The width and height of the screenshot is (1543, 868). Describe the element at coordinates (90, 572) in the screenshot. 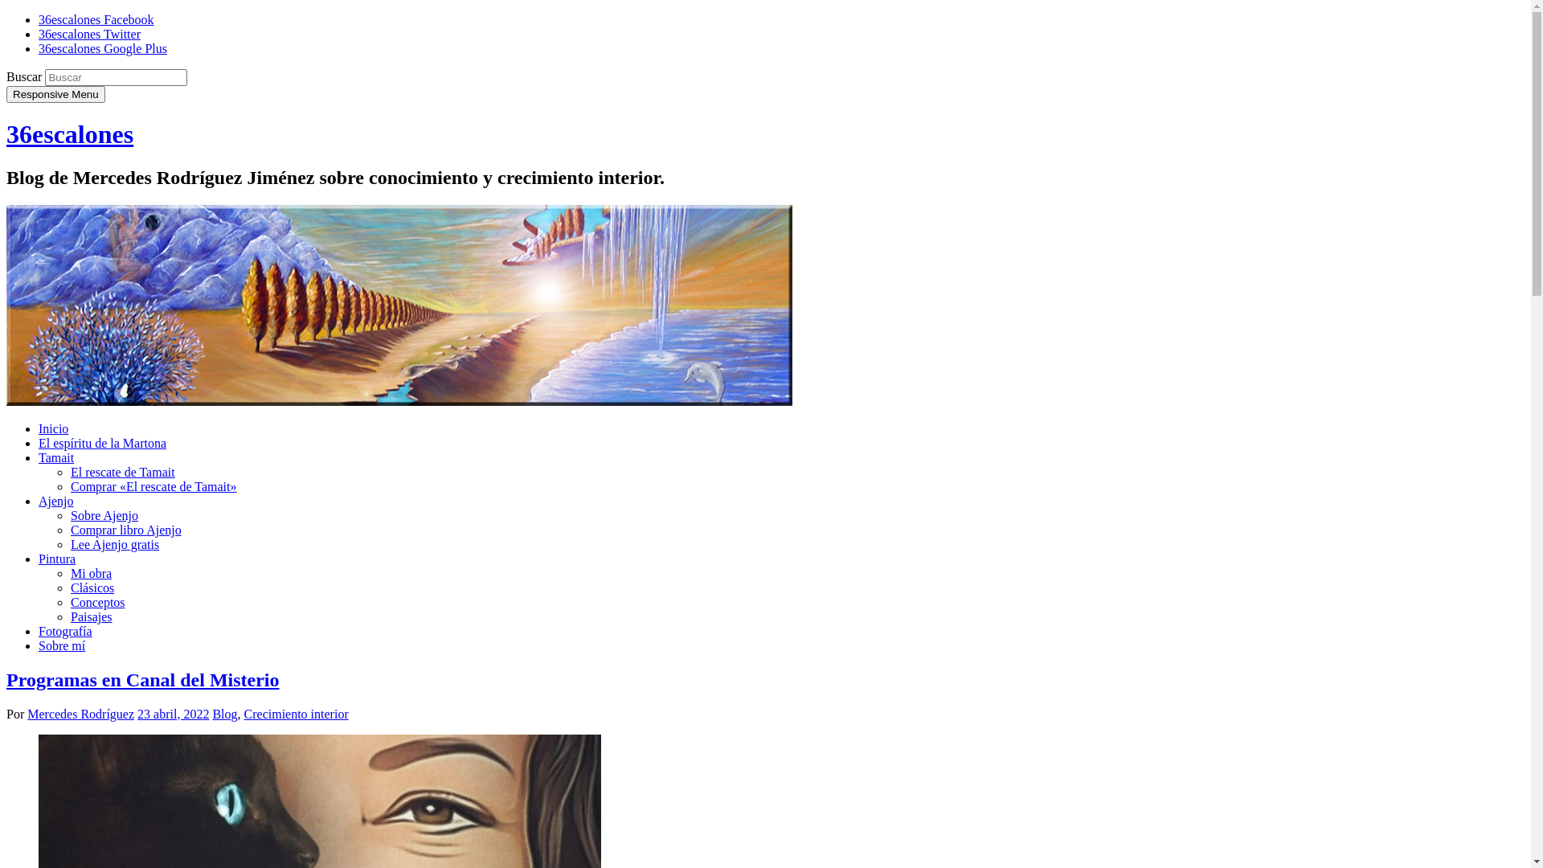

I see `'Mi obra'` at that location.